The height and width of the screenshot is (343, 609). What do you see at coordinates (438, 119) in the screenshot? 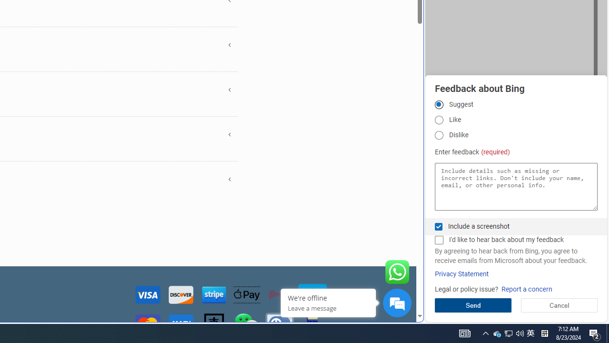
I see `'Like'` at bounding box center [438, 119].